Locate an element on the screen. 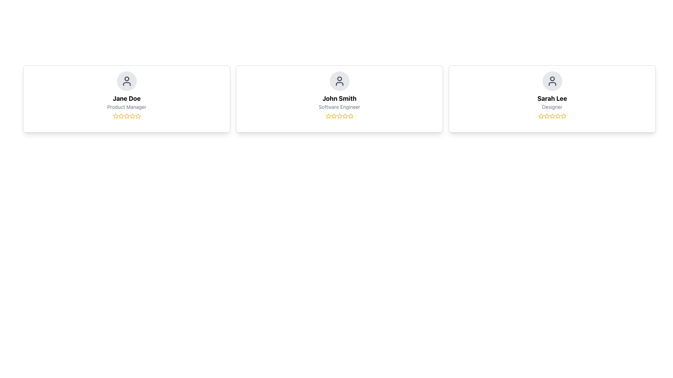 This screenshot has width=673, height=378. text label that describes the role or title of the individual represented in the card, which is positioned under the 'John Smith' heading and above a series of star icons in the central card is located at coordinates (339, 107).